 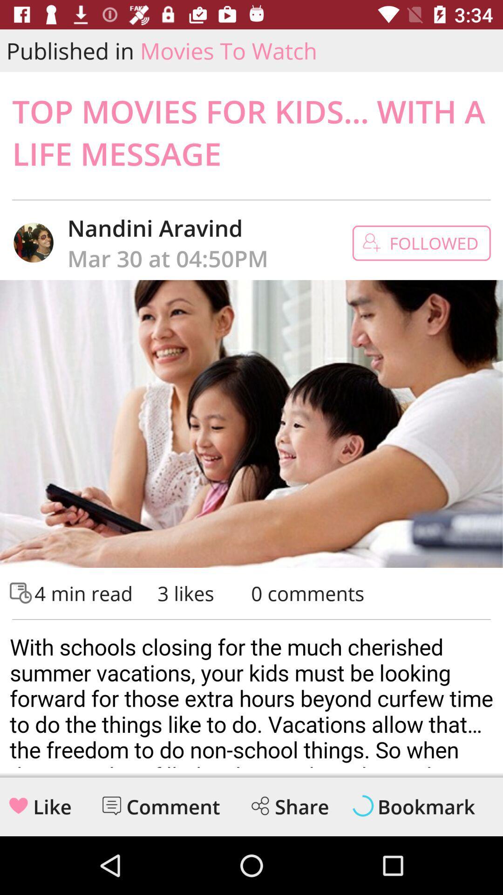 I want to click on the chat icon, so click(x=111, y=805).